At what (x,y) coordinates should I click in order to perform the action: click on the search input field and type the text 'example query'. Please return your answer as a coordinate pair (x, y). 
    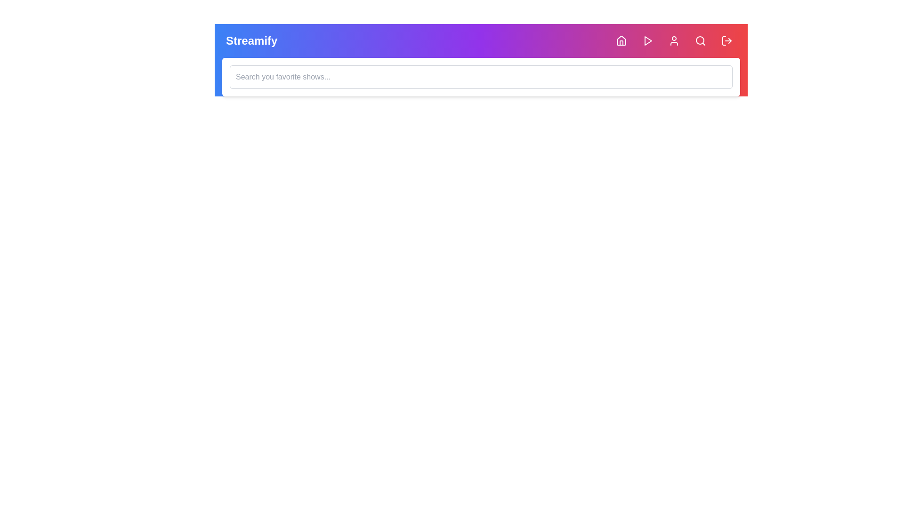
    Looking at the image, I should click on (481, 77).